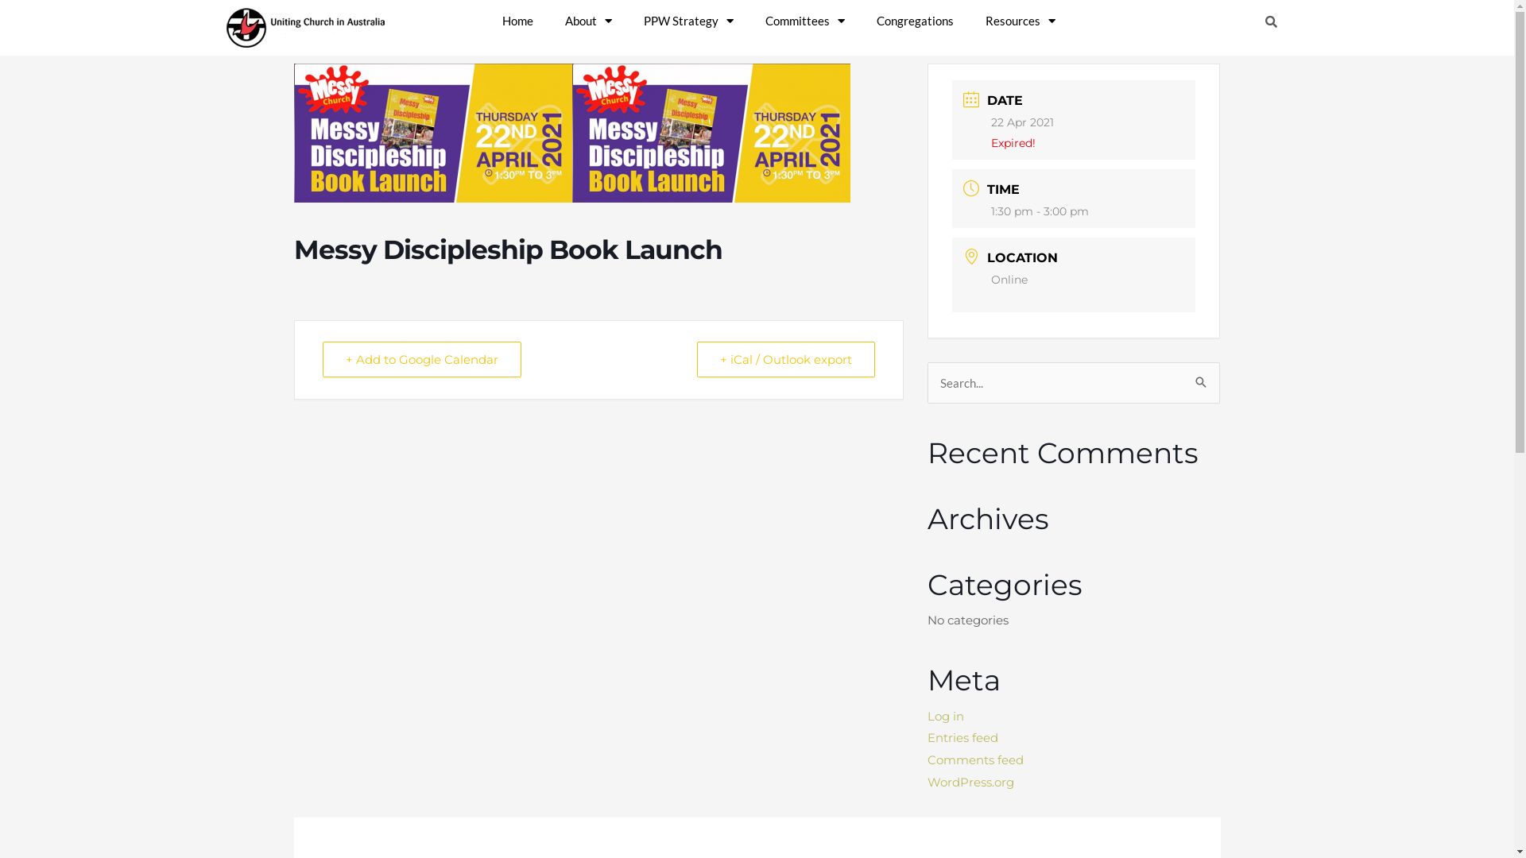 This screenshot has height=858, width=1526. What do you see at coordinates (688, 21) in the screenshot?
I see `'PPW Strategy'` at bounding box center [688, 21].